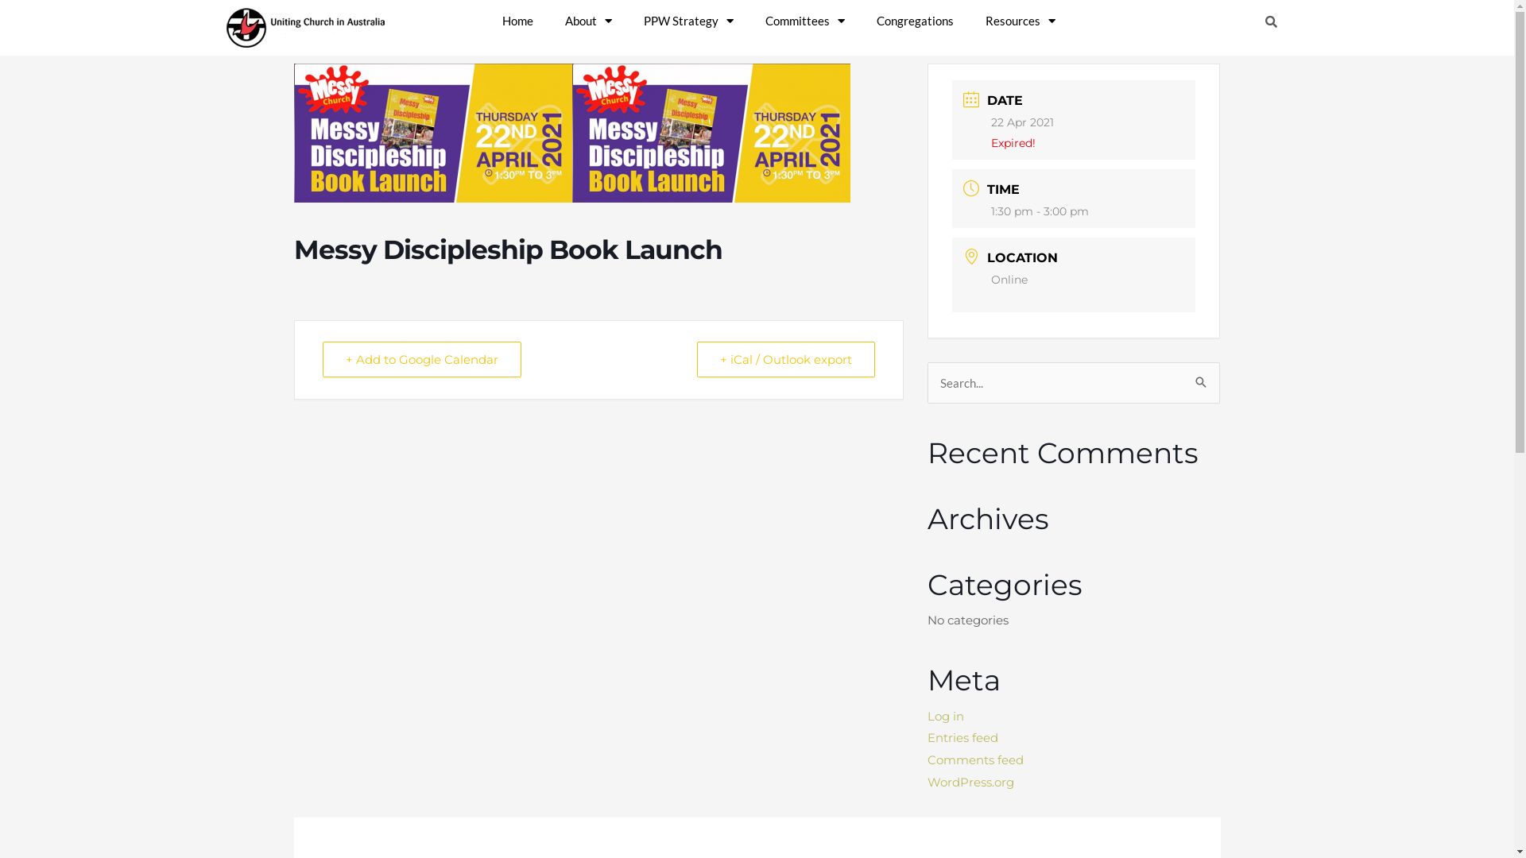 This screenshot has height=858, width=1526. What do you see at coordinates (688, 21) in the screenshot?
I see `'PPW Strategy'` at bounding box center [688, 21].